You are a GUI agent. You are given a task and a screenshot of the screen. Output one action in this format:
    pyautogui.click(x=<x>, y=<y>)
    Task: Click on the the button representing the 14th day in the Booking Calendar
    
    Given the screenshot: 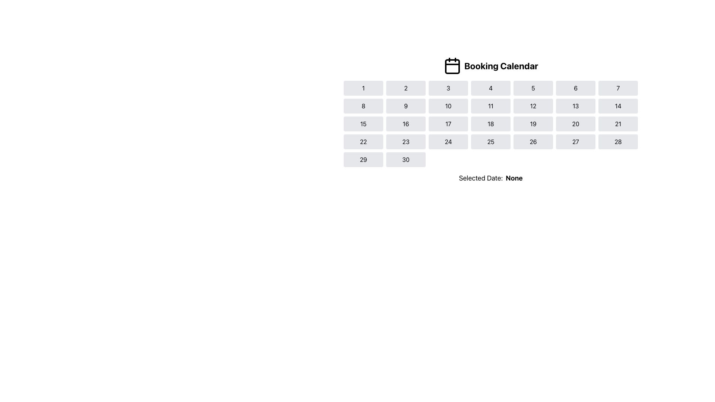 What is the action you would take?
    pyautogui.click(x=618, y=106)
    